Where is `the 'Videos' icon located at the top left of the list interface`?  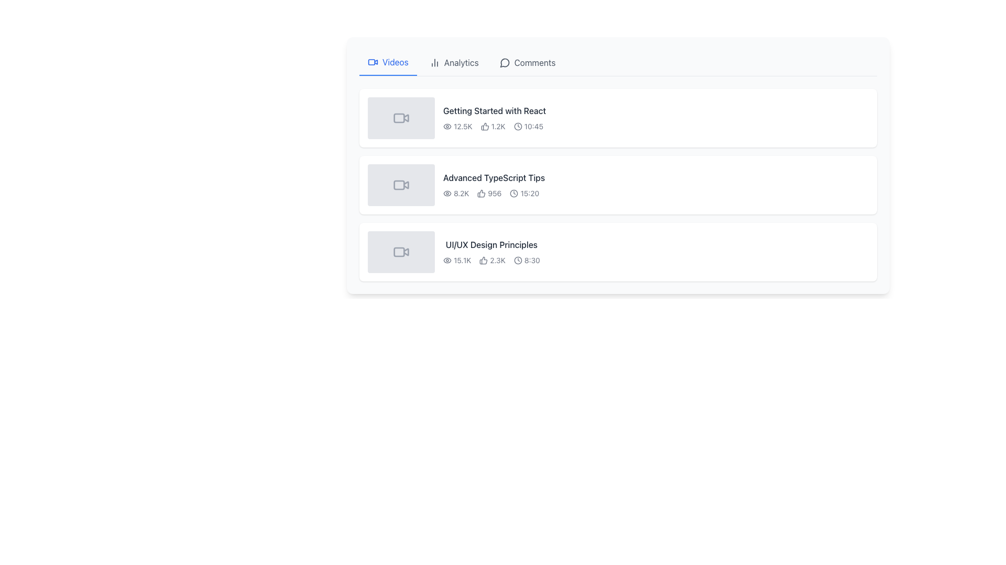
the 'Videos' icon located at the top left of the list interface is located at coordinates (373, 62).